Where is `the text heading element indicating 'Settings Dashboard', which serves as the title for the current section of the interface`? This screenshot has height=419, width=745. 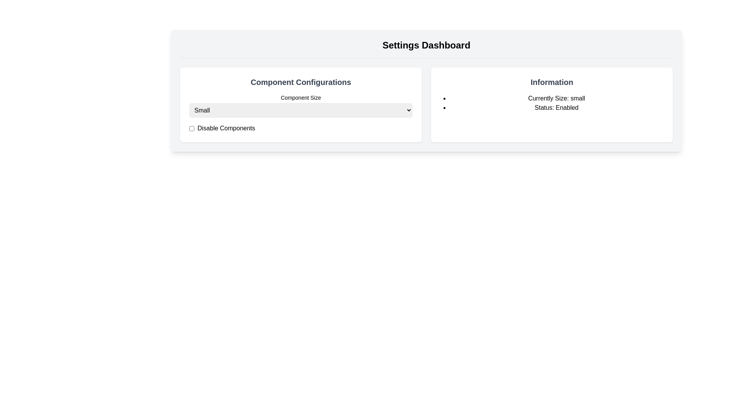
the text heading element indicating 'Settings Dashboard', which serves as the title for the current section of the interface is located at coordinates (426, 48).